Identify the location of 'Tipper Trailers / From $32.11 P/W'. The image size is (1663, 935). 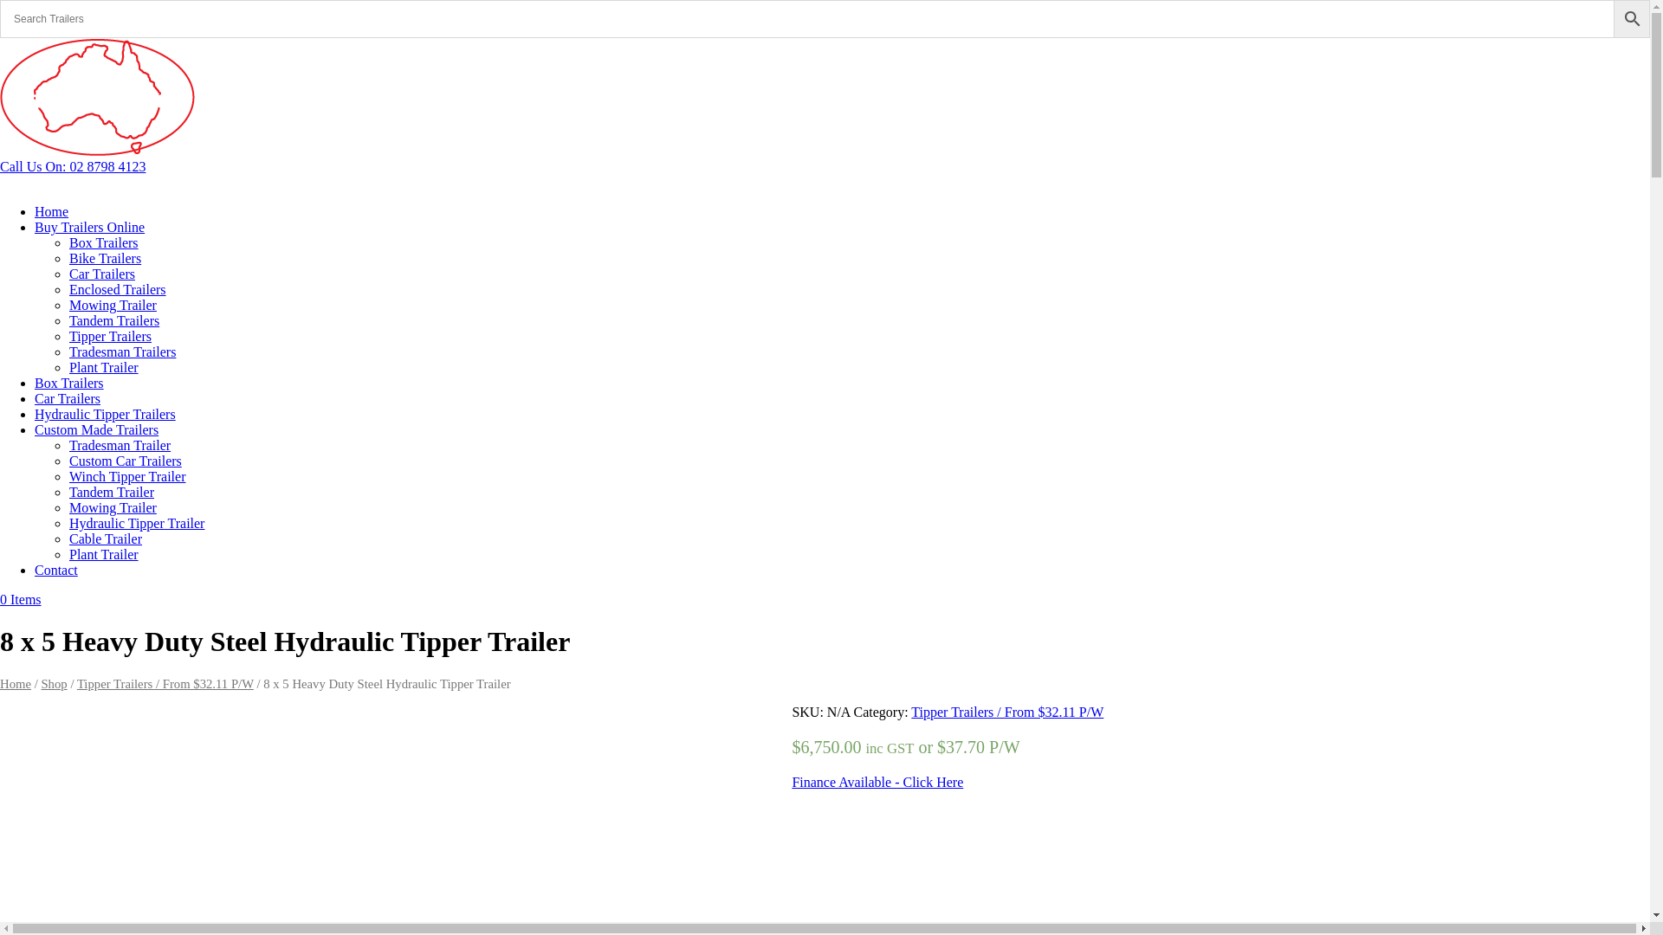
(76, 683).